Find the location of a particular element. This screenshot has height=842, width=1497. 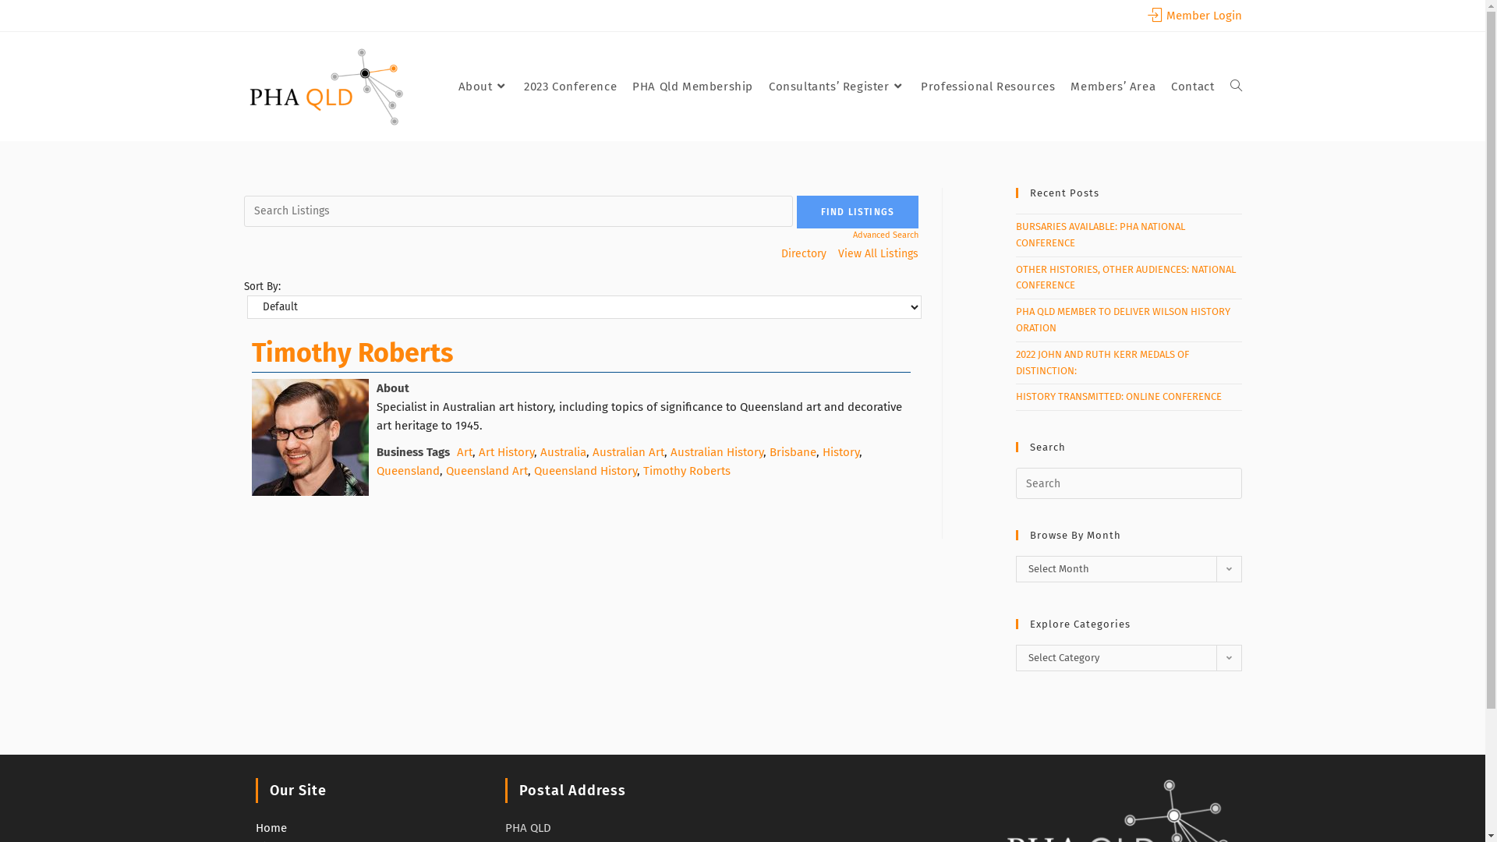

'2023 Conference' is located at coordinates (569, 87).